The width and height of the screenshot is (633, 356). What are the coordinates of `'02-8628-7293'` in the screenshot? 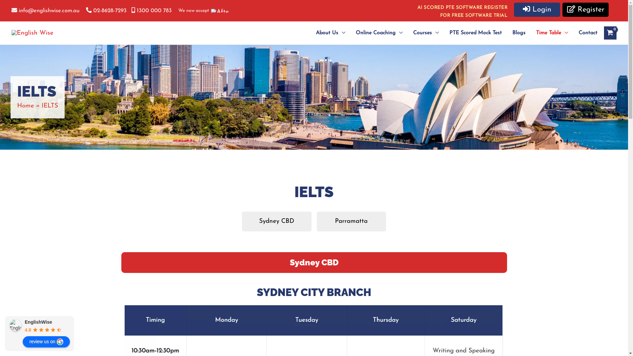 It's located at (85, 11).